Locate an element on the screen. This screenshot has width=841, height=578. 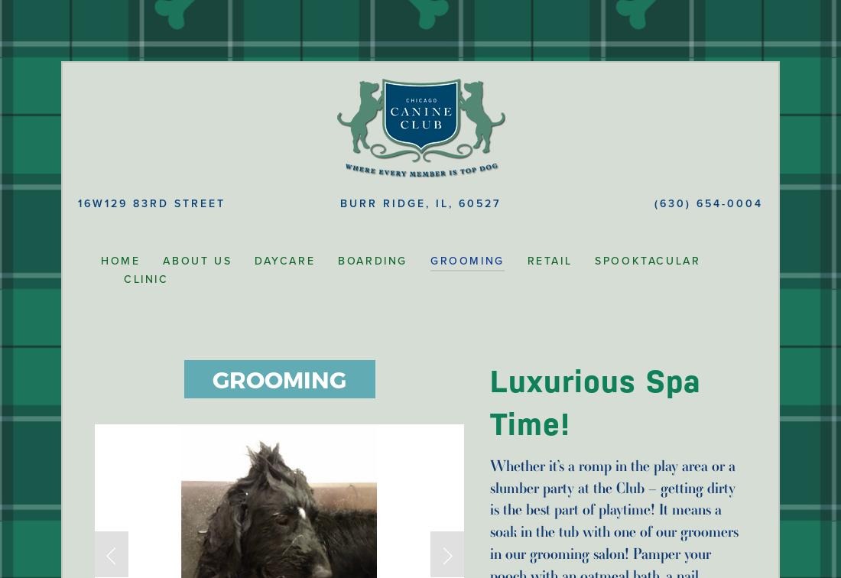
'(630) 654-0004' is located at coordinates (707, 203).